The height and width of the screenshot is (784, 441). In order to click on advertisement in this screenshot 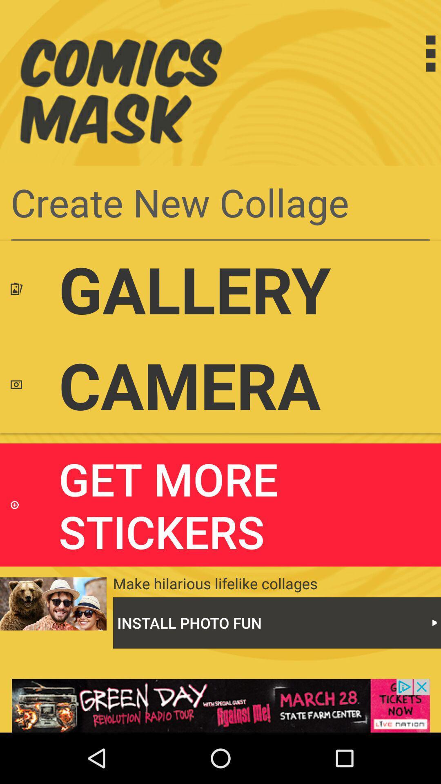, I will do `click(220, 705)`.